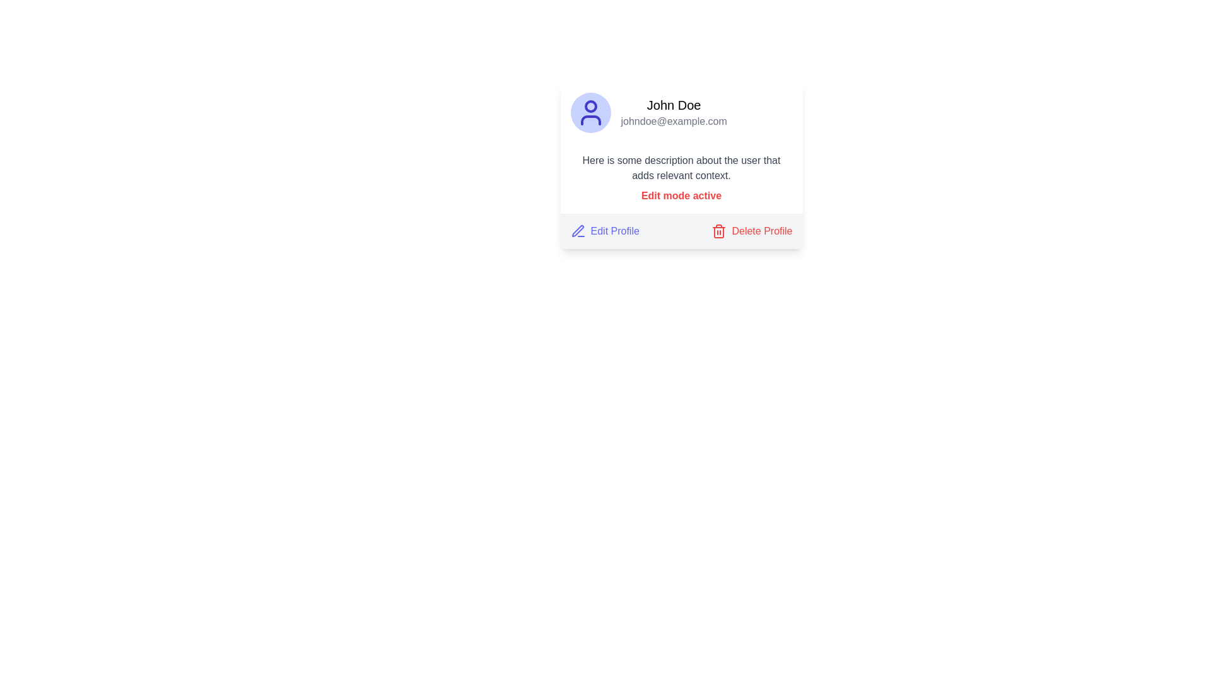  Describe the element at coordinates (673, 112) in the screenshot. I see `the Text display block that shows the heading 'John Doe' and the subtitle 'johndoe@example.com', located in the top-right section of a card layout, to the right of a circular profile icon` at that location.